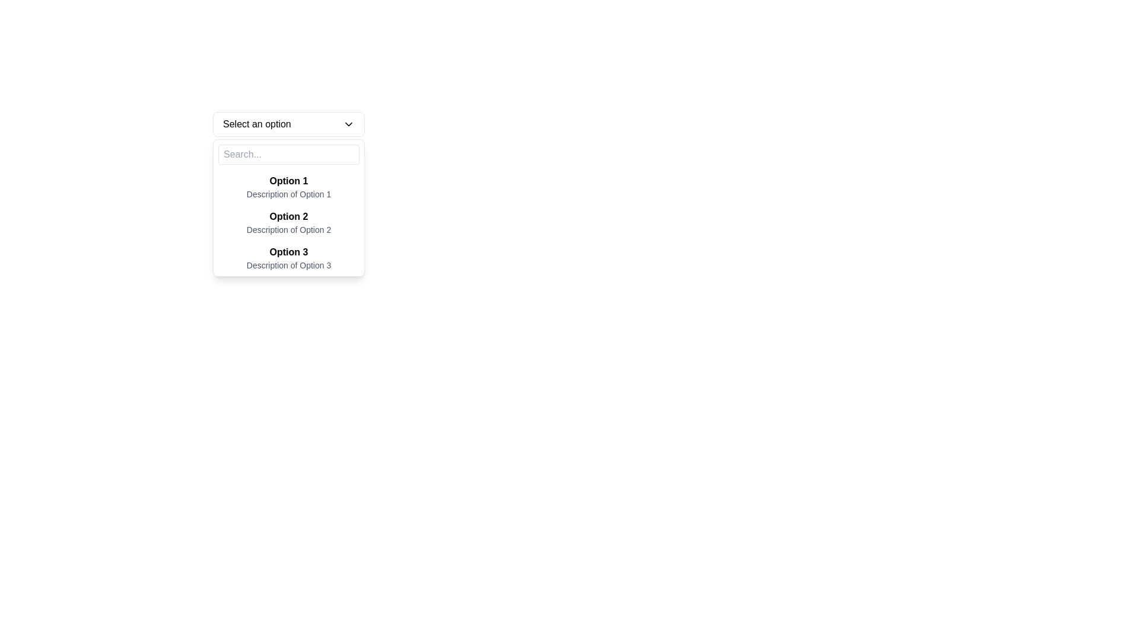  Describe the element at coordinates (288, 193) in the screenshot. I see `the Text Label providing additional descriptive information for 'Option 1' in the dropdown menu, positioned directly below it and aligned to the left` at that location.